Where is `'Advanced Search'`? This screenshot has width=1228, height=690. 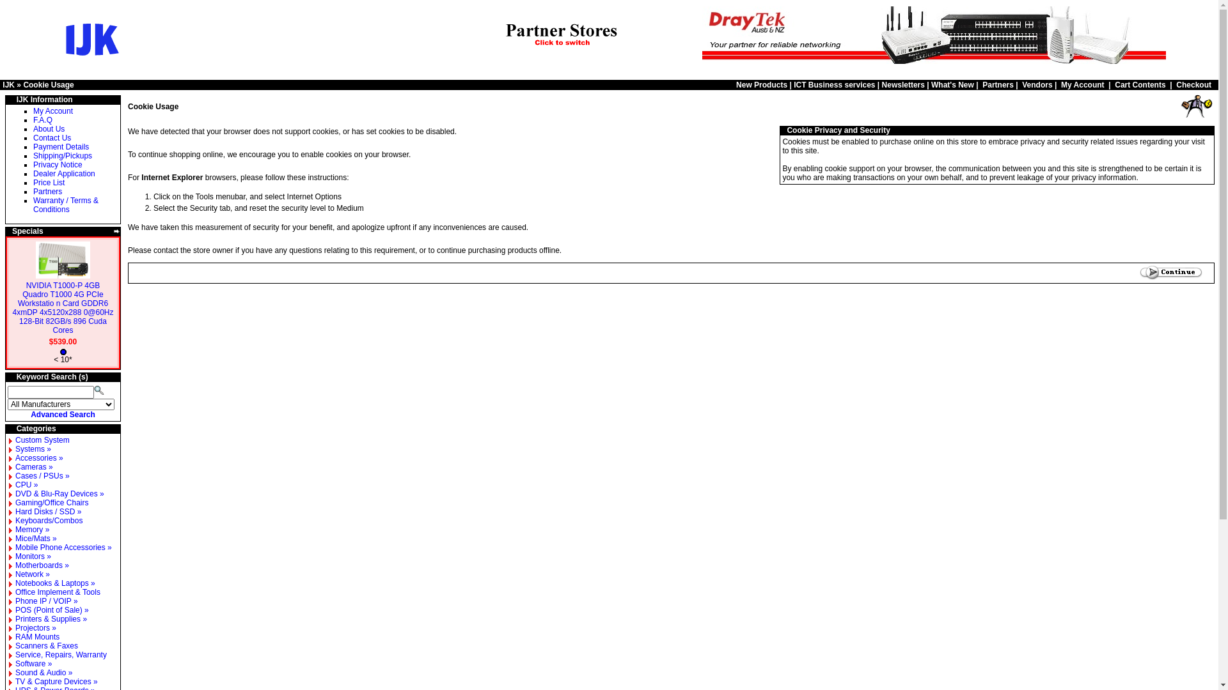
'Advanced Search' is located at coordinates (62, 414).